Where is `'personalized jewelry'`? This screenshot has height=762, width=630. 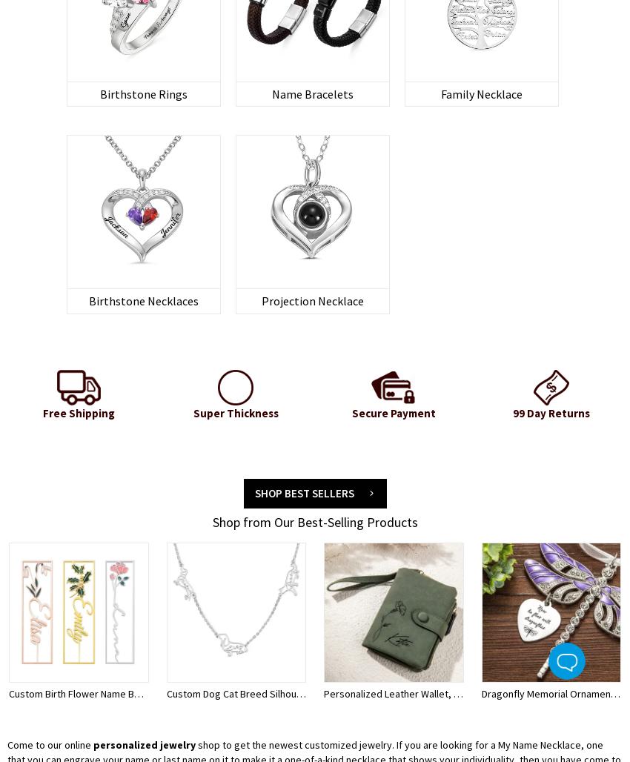
'personalized jewelry' is located at coordinates (143, 743).